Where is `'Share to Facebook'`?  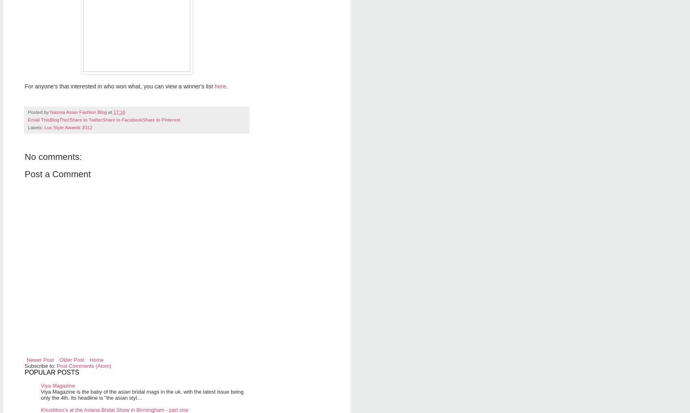
'Share to Facebook' is located at coordinates (122, 119).